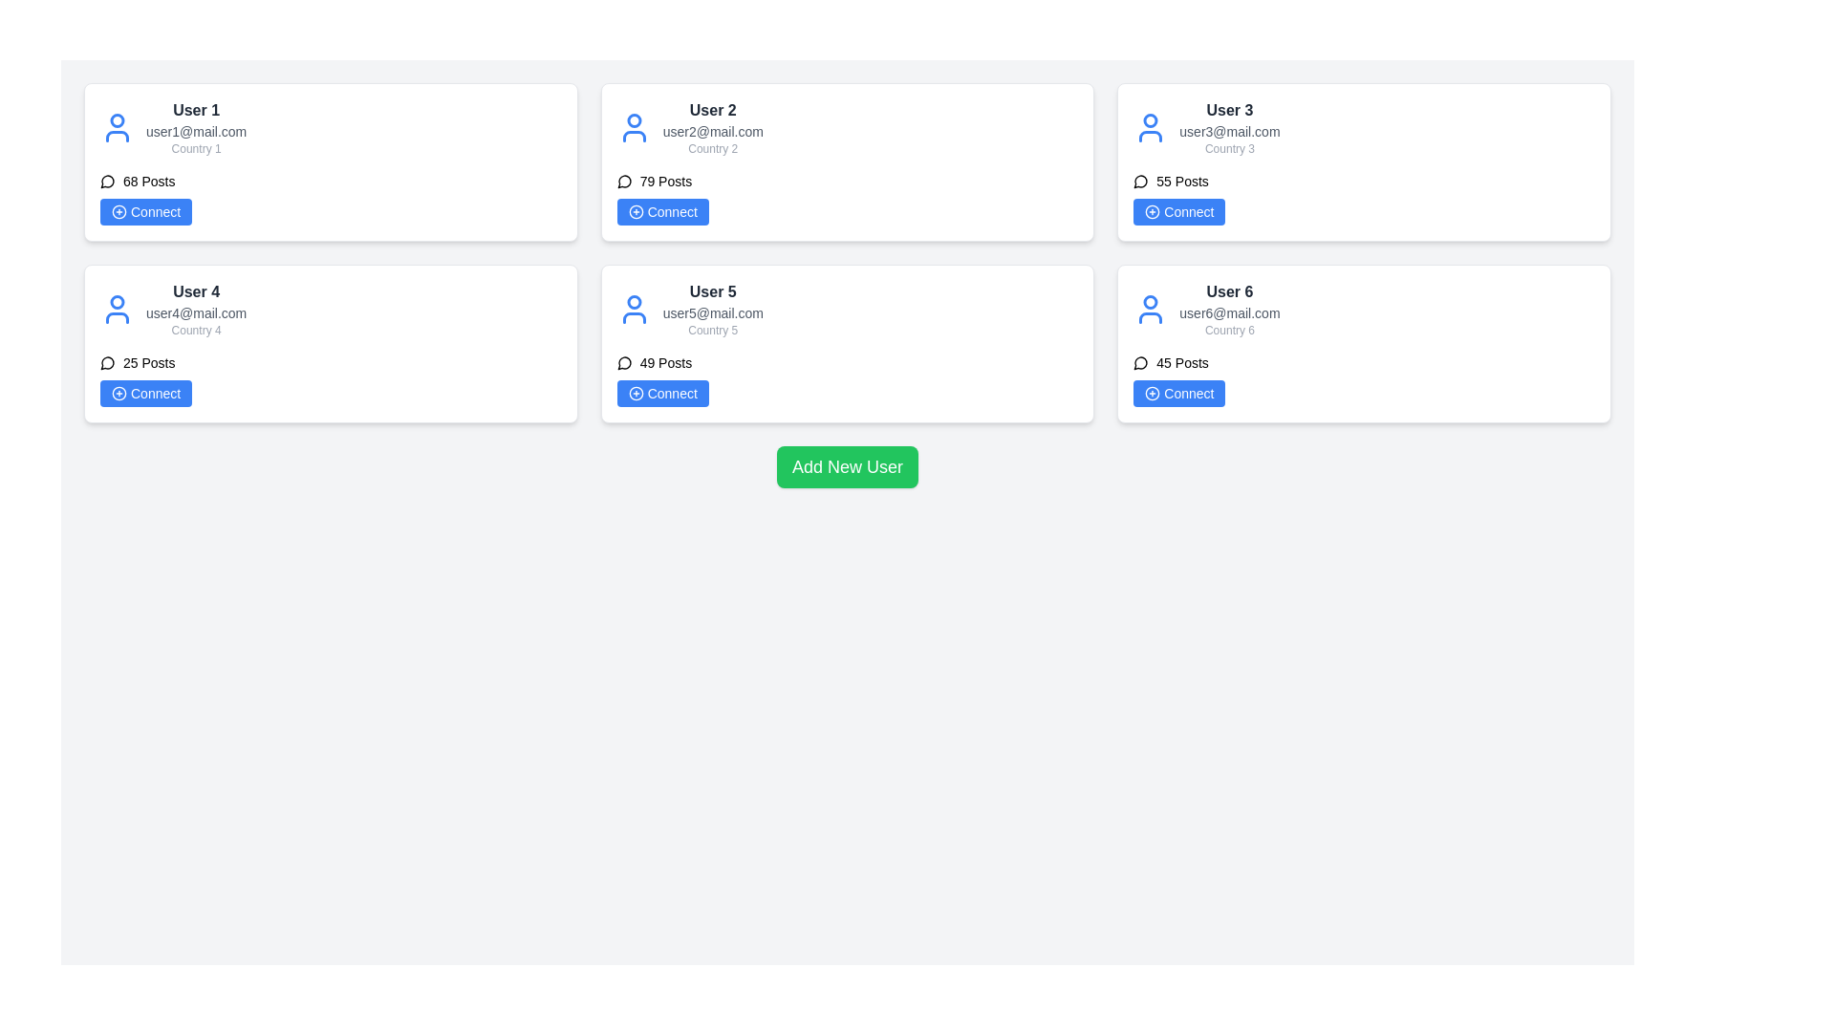  What do you see at coordinates (196, 147) in the screenshot?
I see `the text label element reading 'Country 1', which is located under the email 'user1@mail.com' in the user information card for 'User 1'` at bounding box center [196, 147].